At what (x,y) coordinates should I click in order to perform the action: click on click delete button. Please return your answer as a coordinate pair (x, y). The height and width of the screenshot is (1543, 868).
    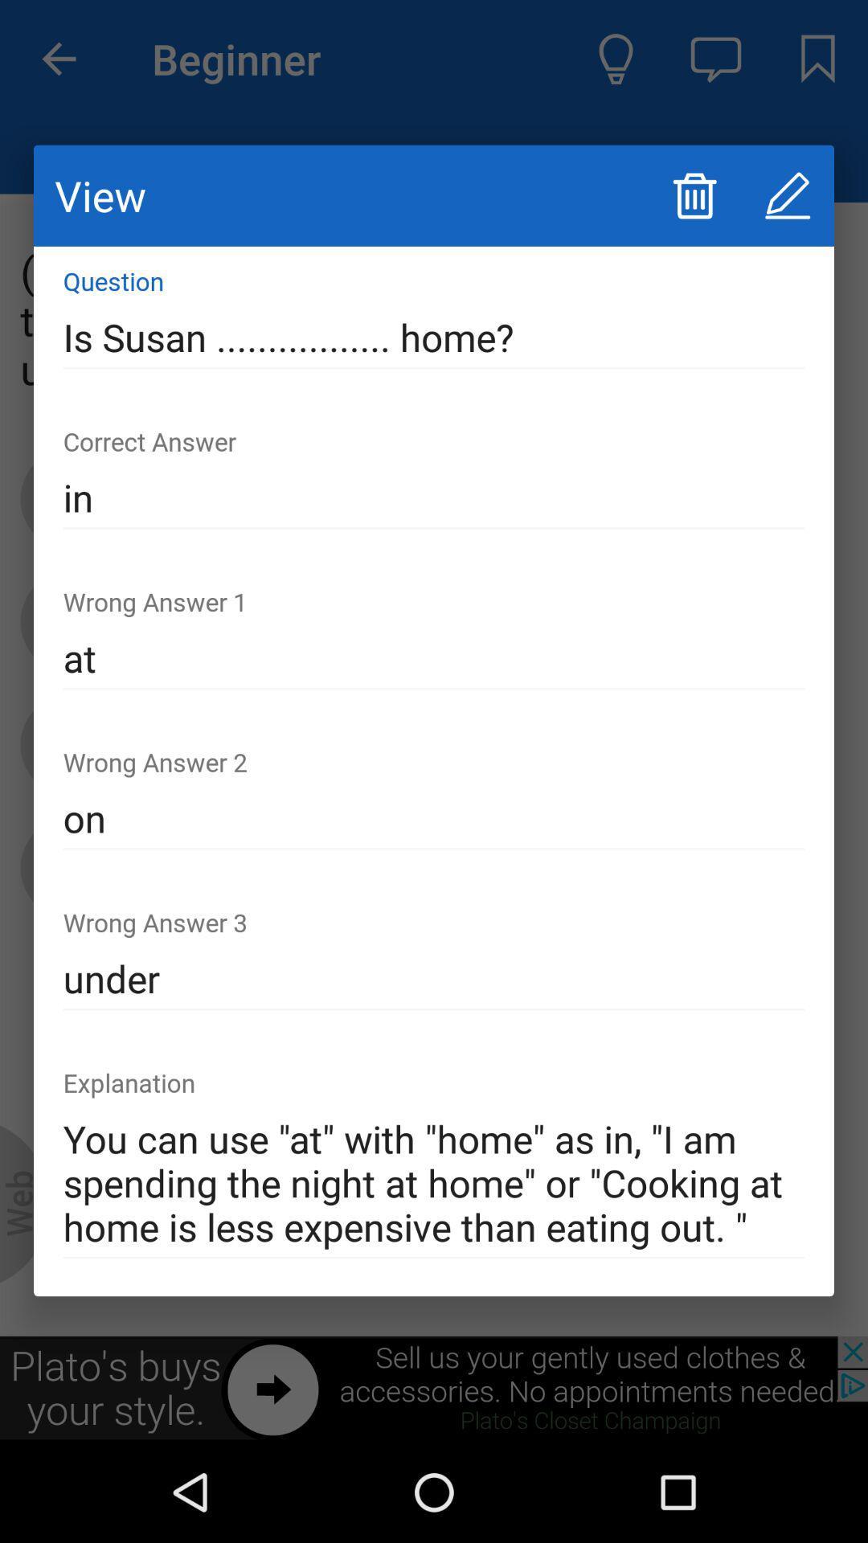
    Looking at the image, I should click on (694, 194).